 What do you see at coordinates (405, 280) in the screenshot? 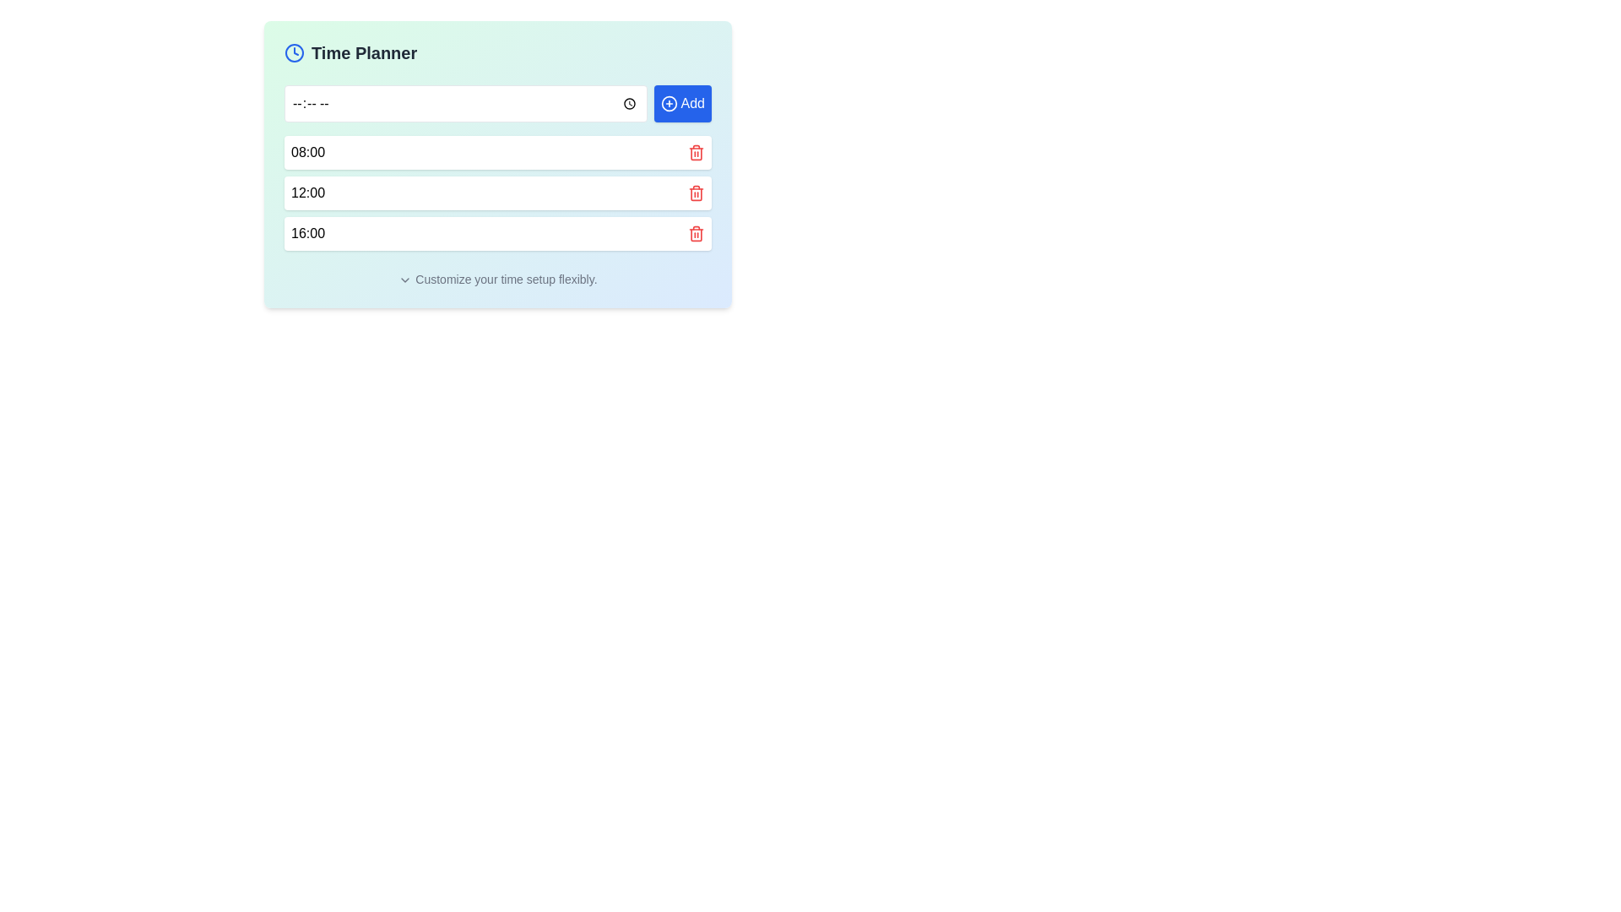
I see `the tooltip of the SVG chevron icon located slightly to the left of the text 'Customize your time setup flexibly' in the time planning section` at bounding box center [405, 280].